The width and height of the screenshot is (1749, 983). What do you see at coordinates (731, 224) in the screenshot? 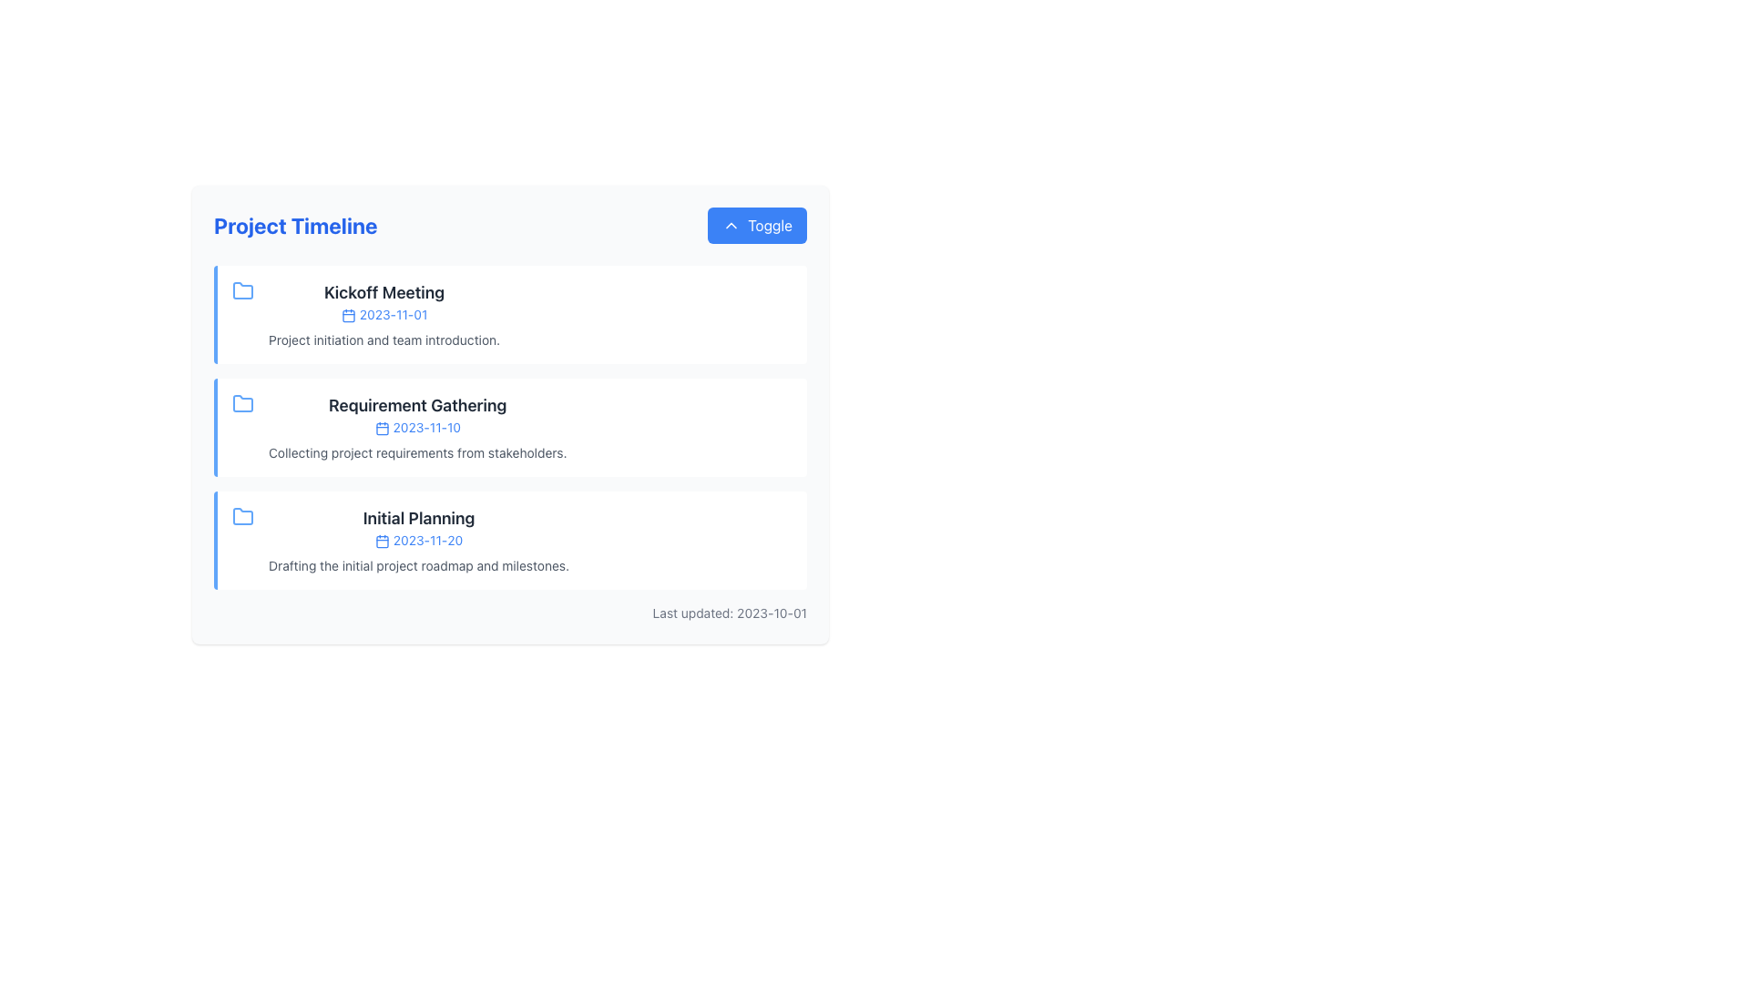
I see `the chevron icon located inside the 'Toggle' button, adjacent to the text 'Toggle'` at bounding box center [731, 224].